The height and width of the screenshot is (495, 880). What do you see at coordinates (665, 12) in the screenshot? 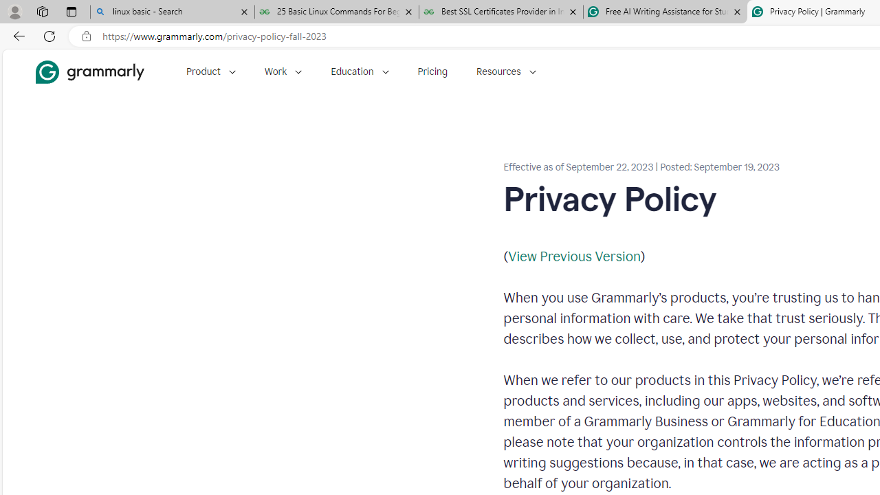
I see `'Free AI Writing Assistance for Students | Grammarly'` at bounding box center [665, 12].